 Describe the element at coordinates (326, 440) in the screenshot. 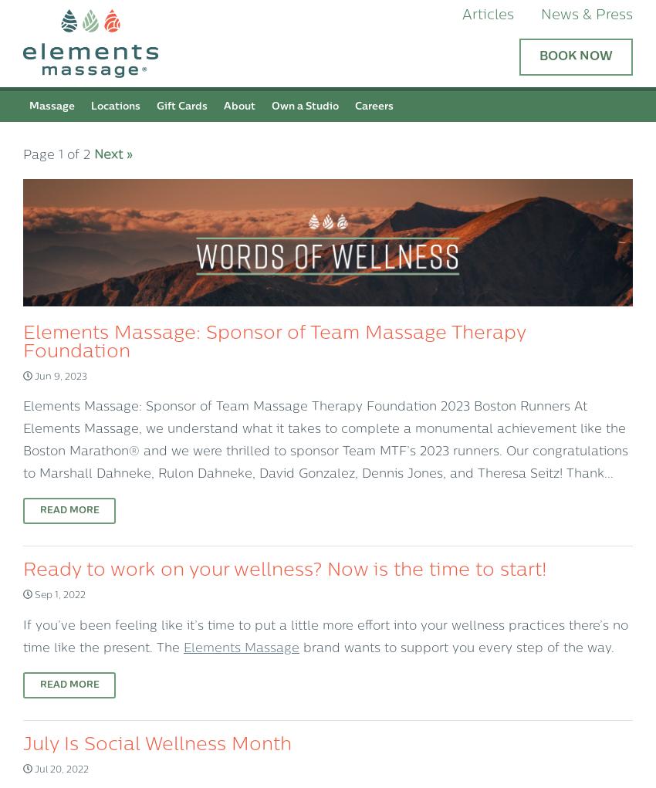

I see `'Elements Massage: Sponsor of Team Massage Therapy Foundation 2023 Boston Runners

At Elements Massage, we understand what it takes to complete a monumental achievement like the Boston Marathon® and we were thrilled to sponsor Team MTF’s 2023 runners. Our congratulations to Marshall Dahneke, Rulon Dahneke, David Gonzalez, Dennis Jones, and Theresa Seitz! Thank...'` at that location.